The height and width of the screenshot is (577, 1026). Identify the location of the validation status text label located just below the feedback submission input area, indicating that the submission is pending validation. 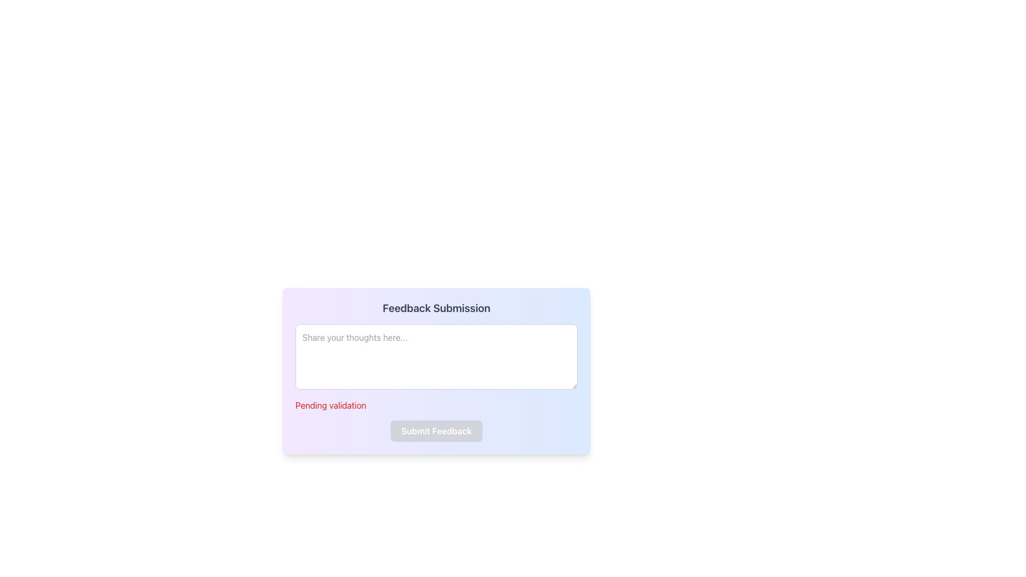
(330, 406).